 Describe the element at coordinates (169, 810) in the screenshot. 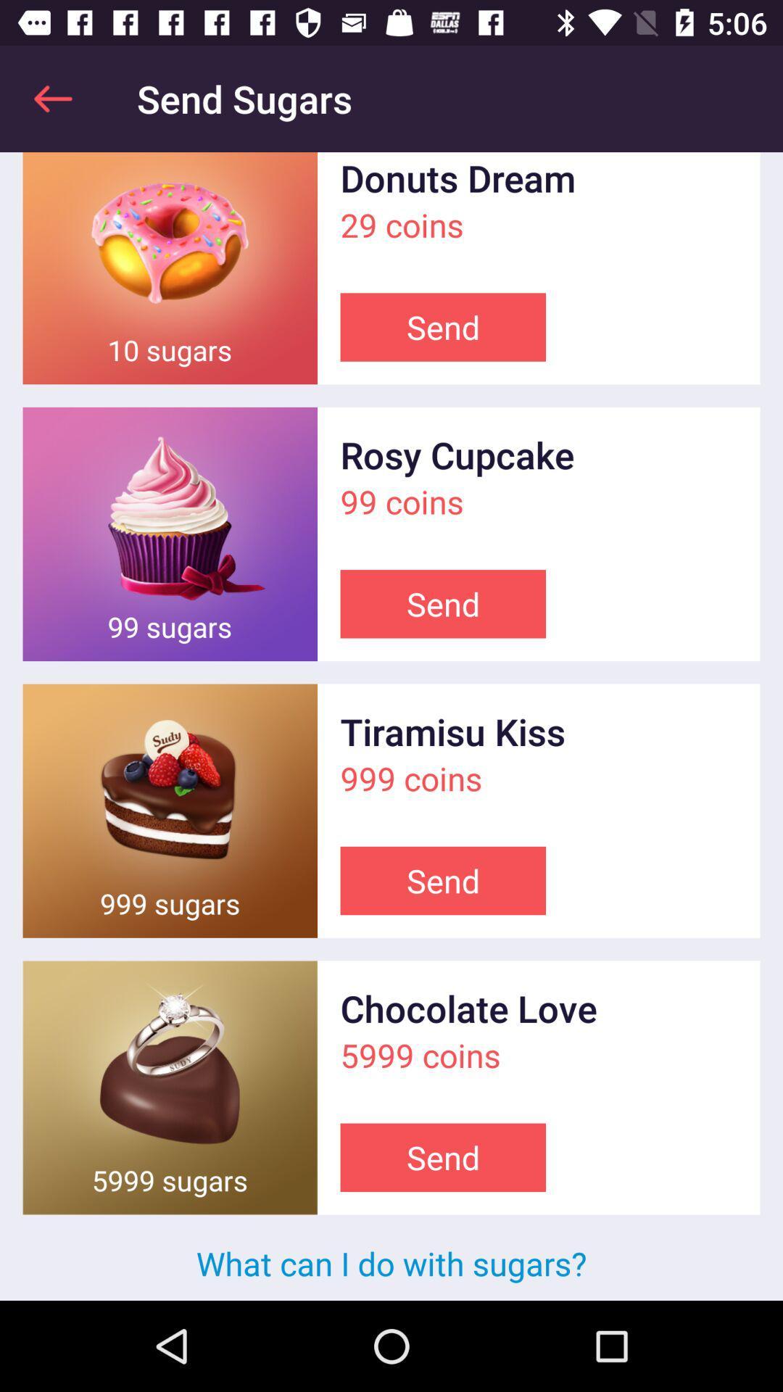

I see `open picture` at that location.